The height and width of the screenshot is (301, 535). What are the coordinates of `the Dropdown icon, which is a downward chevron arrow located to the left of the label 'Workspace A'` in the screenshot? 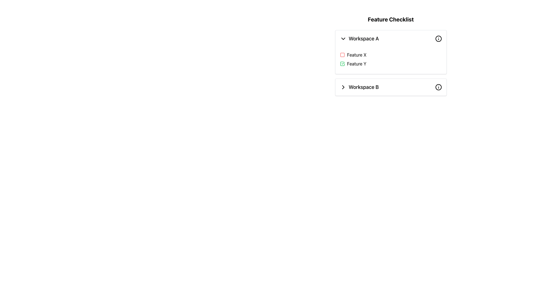 It's located at (343, 38).